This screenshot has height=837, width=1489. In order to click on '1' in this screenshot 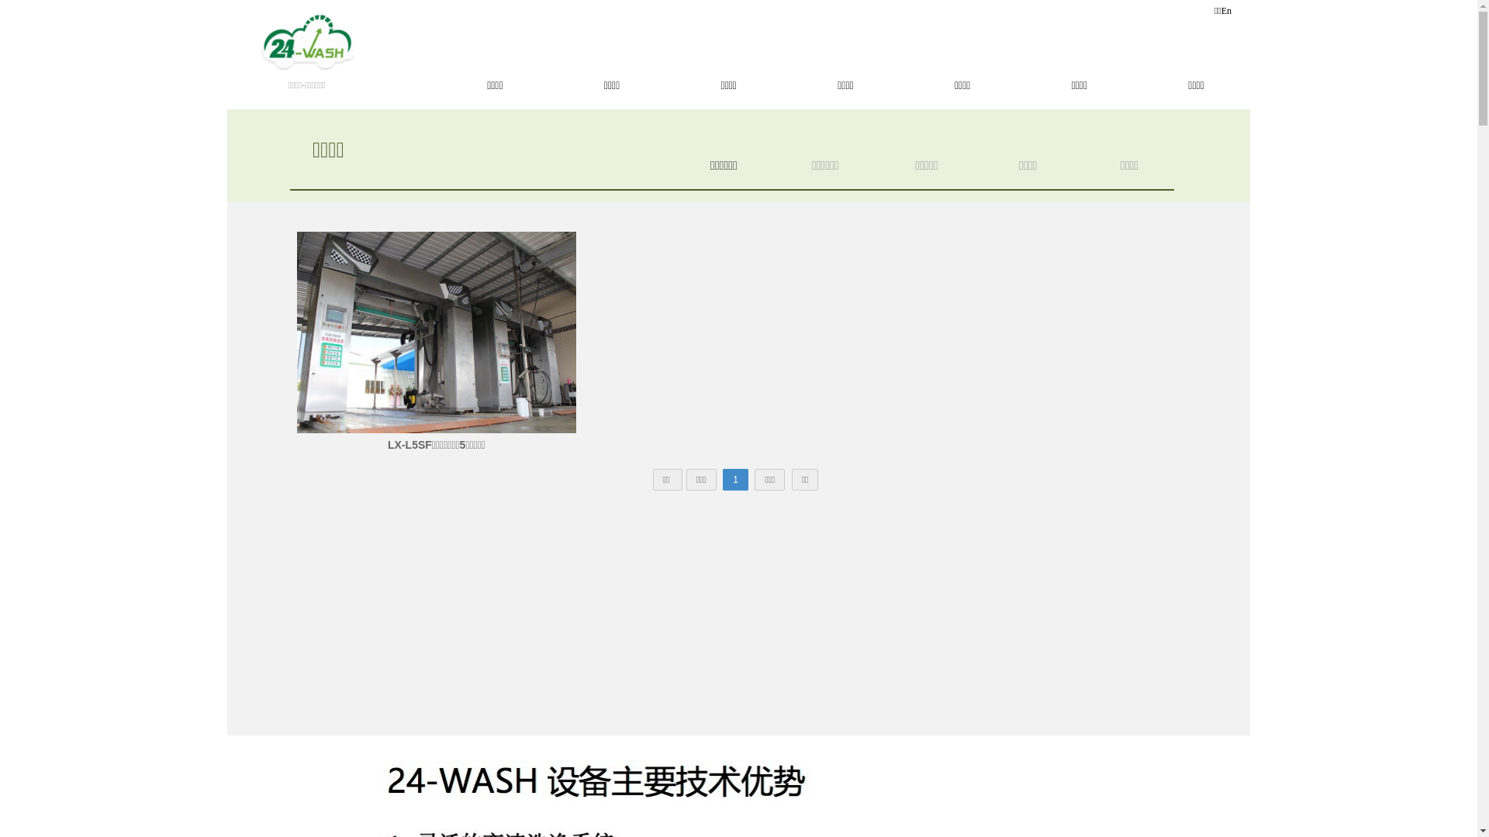, I will do `click(734, 478)`.